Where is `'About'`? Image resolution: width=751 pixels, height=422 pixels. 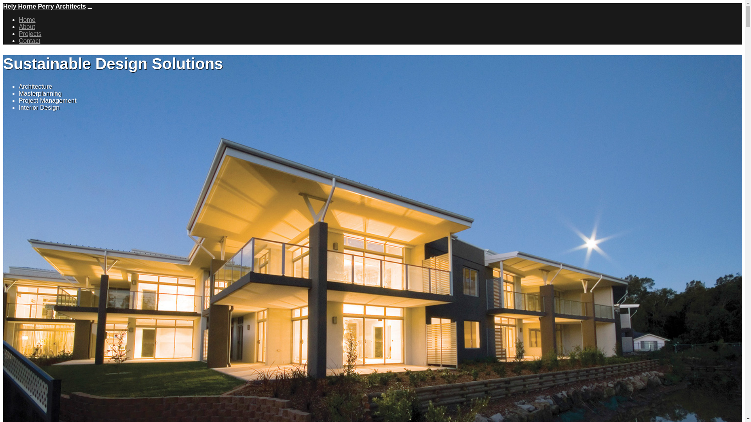 'About' is located at coordinates (27, 26).